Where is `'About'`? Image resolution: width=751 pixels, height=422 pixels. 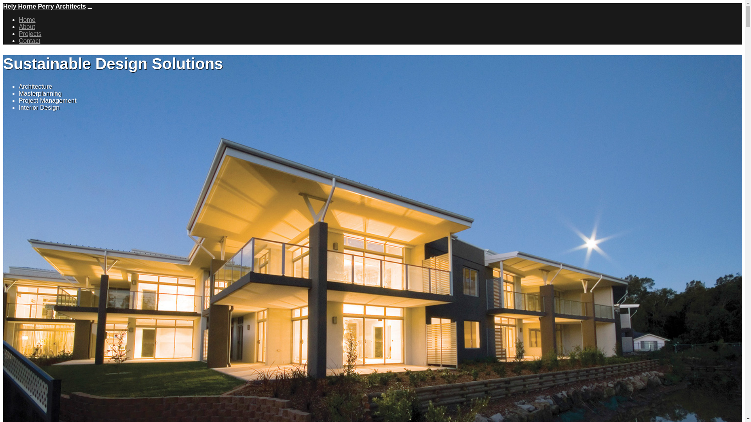 'About' is located at coordinates (27, 26).